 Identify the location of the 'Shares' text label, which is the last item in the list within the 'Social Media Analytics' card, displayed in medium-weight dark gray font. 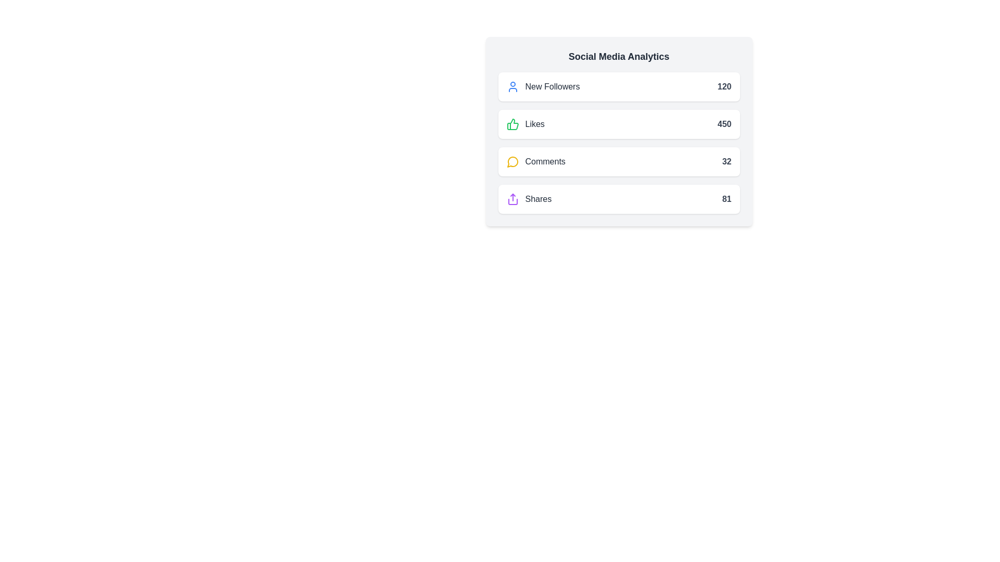
(538, 199).